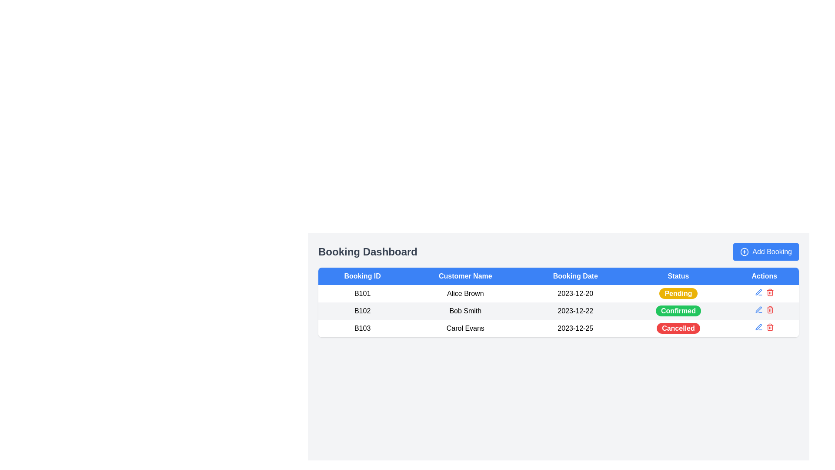 The height and width of the screenshot is (470, 835). Describe the element at coordinates (758, 292) in the screenshot. I see `the edit button represented by a pen symbol in the 'Actions' column of the booking dashboard for booking ID 'B101' to enable keyboard navigation` at that location.